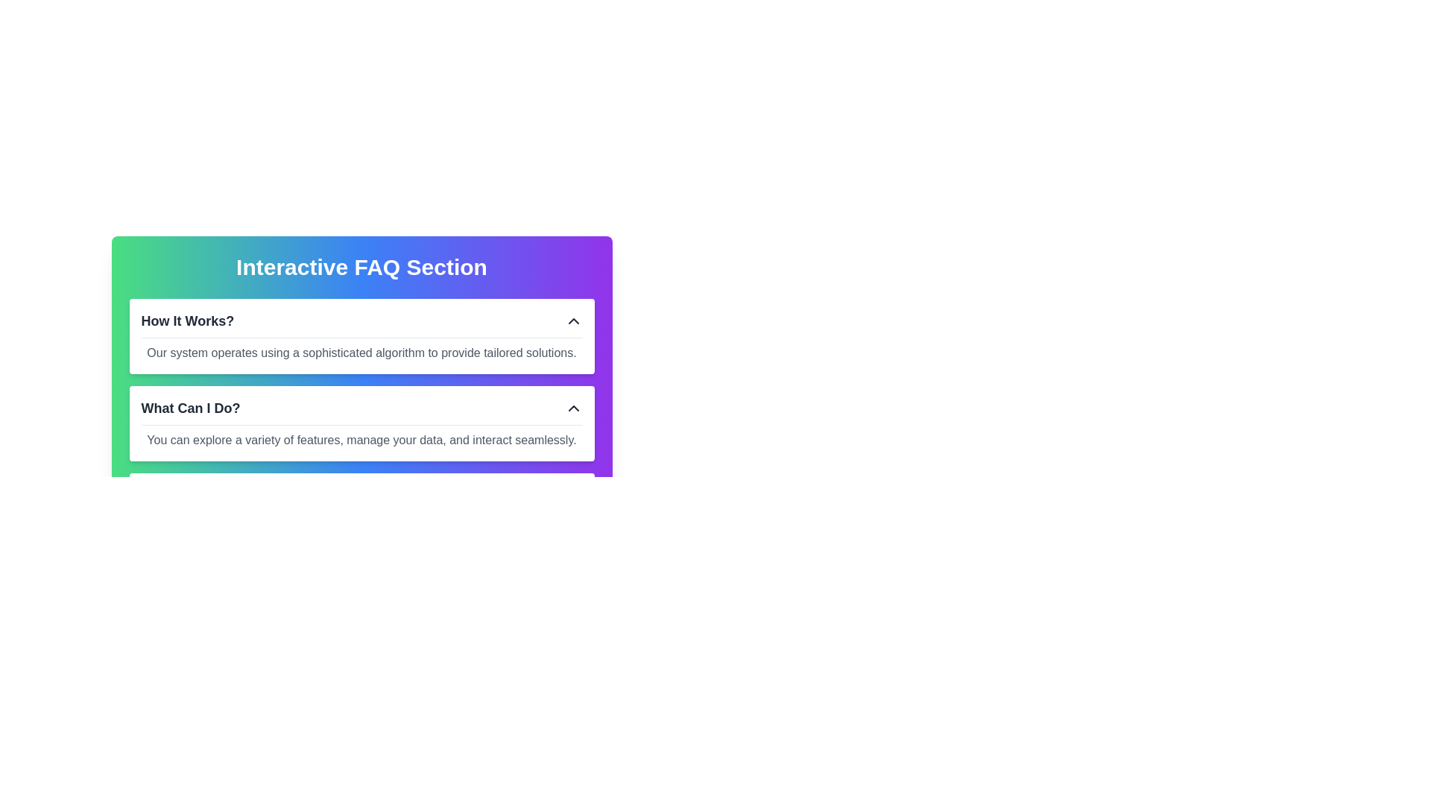 This screenshot has height=805, width=1431. What do you see at coordinates (361, 436) in the screenshot?
I see `the informational text description located under the 'What Can I Do?' header in the FAQ section, which is the second collapsible item with a white background inside a purple gradient background` at bounding box center [361, 436].